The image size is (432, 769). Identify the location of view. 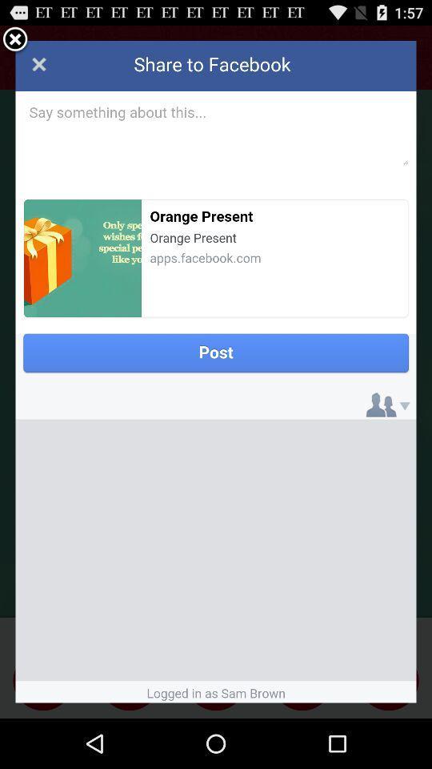
(14, 39).